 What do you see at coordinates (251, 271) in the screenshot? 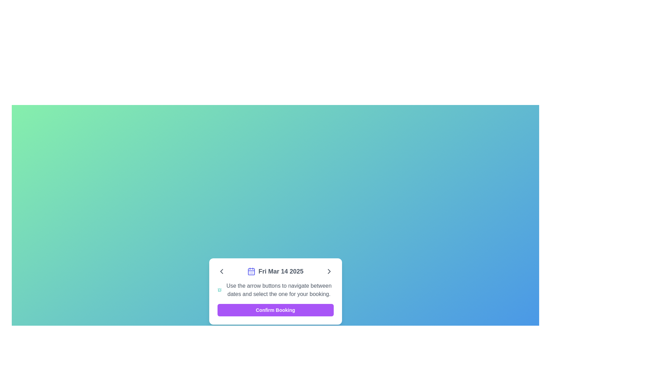
I see `the calendar icon located to the left of the date text 'Fri Mar 14 2025' in the header of the date selection dialog box` at bounding box center [251, 271].